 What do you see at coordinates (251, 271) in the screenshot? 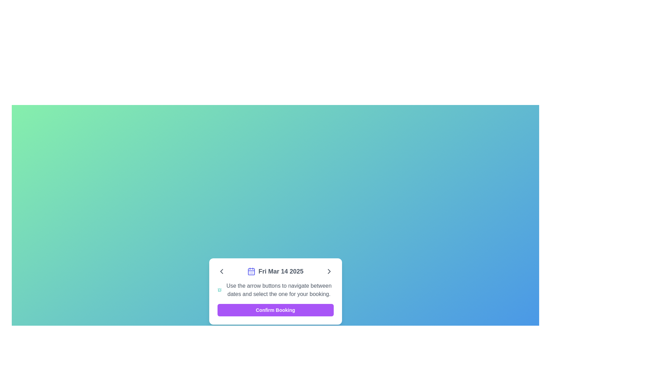
I see `the calendar icon located to the left of the date text 'Fri Mar 14 2025' in the header of the date selection dialog box` at bounding box center [251, 271].